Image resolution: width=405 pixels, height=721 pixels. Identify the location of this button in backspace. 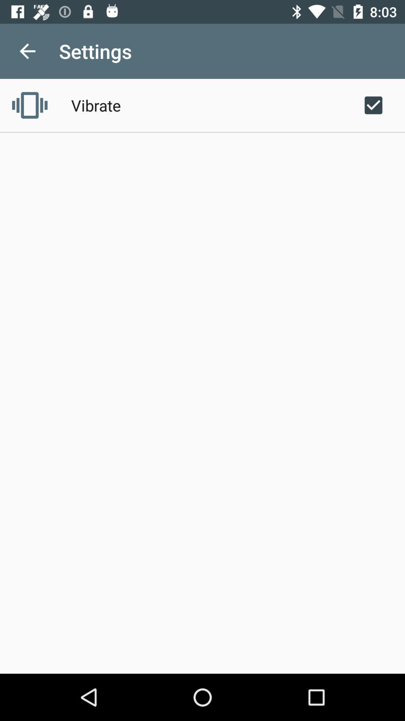
(27, 51).